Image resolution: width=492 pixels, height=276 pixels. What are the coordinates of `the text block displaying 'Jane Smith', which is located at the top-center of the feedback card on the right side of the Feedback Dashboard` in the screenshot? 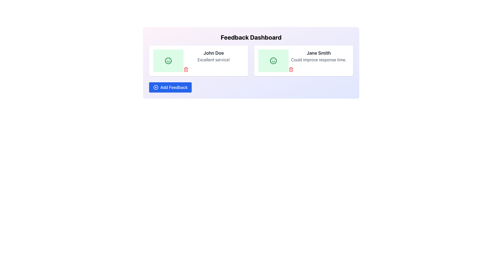 It's located at (318, 53).